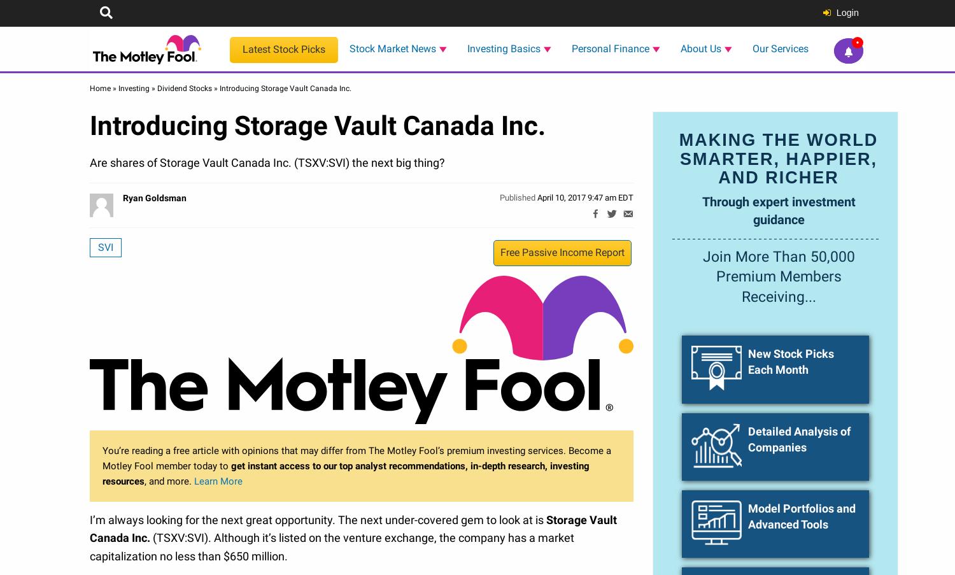 This screenshot has height=575, width=955. Describe the element at coordinates (816, 340) in the screenshot. I see `'Demetris Afxentiou'` at that location.